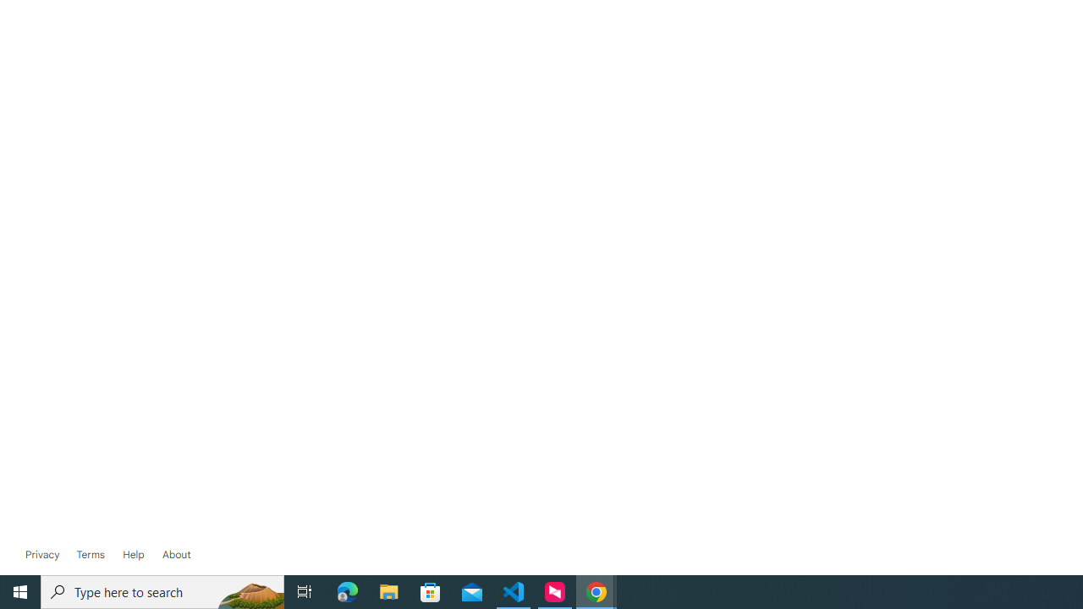 The height and width of the screenshot is (609, 1083). I want to click on 'Learn more about Google Account', so click(176, 554).